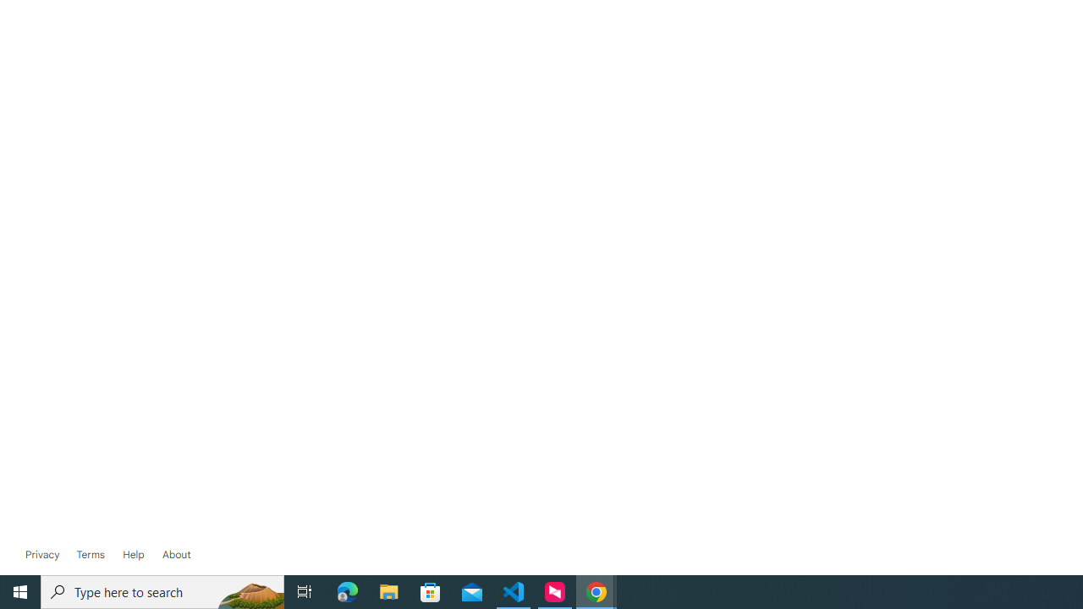 The height and width of the screenshot is (609, 1083). I want to click on 'Learn more about Google Account', so click(176, 554).